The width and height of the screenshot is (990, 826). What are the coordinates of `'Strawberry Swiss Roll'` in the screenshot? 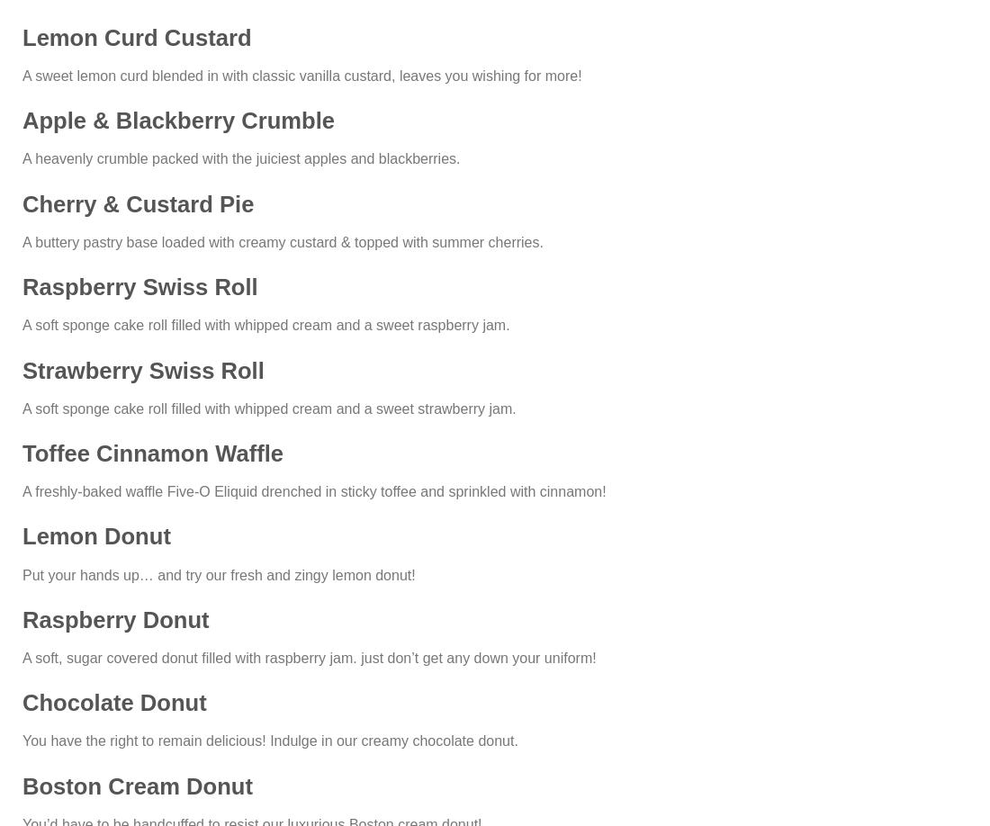 It's located at (141, 368).